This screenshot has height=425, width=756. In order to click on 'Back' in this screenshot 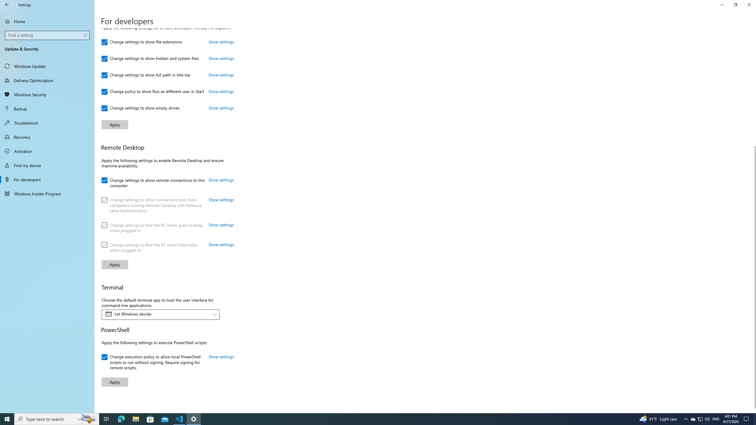, I will do `click(7, 4)`.